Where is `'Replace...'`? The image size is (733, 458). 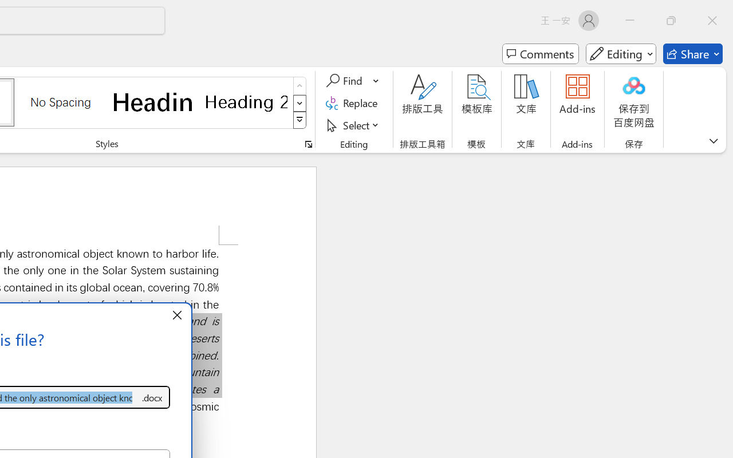
'Replace...' is located at coordinates (353, 102).